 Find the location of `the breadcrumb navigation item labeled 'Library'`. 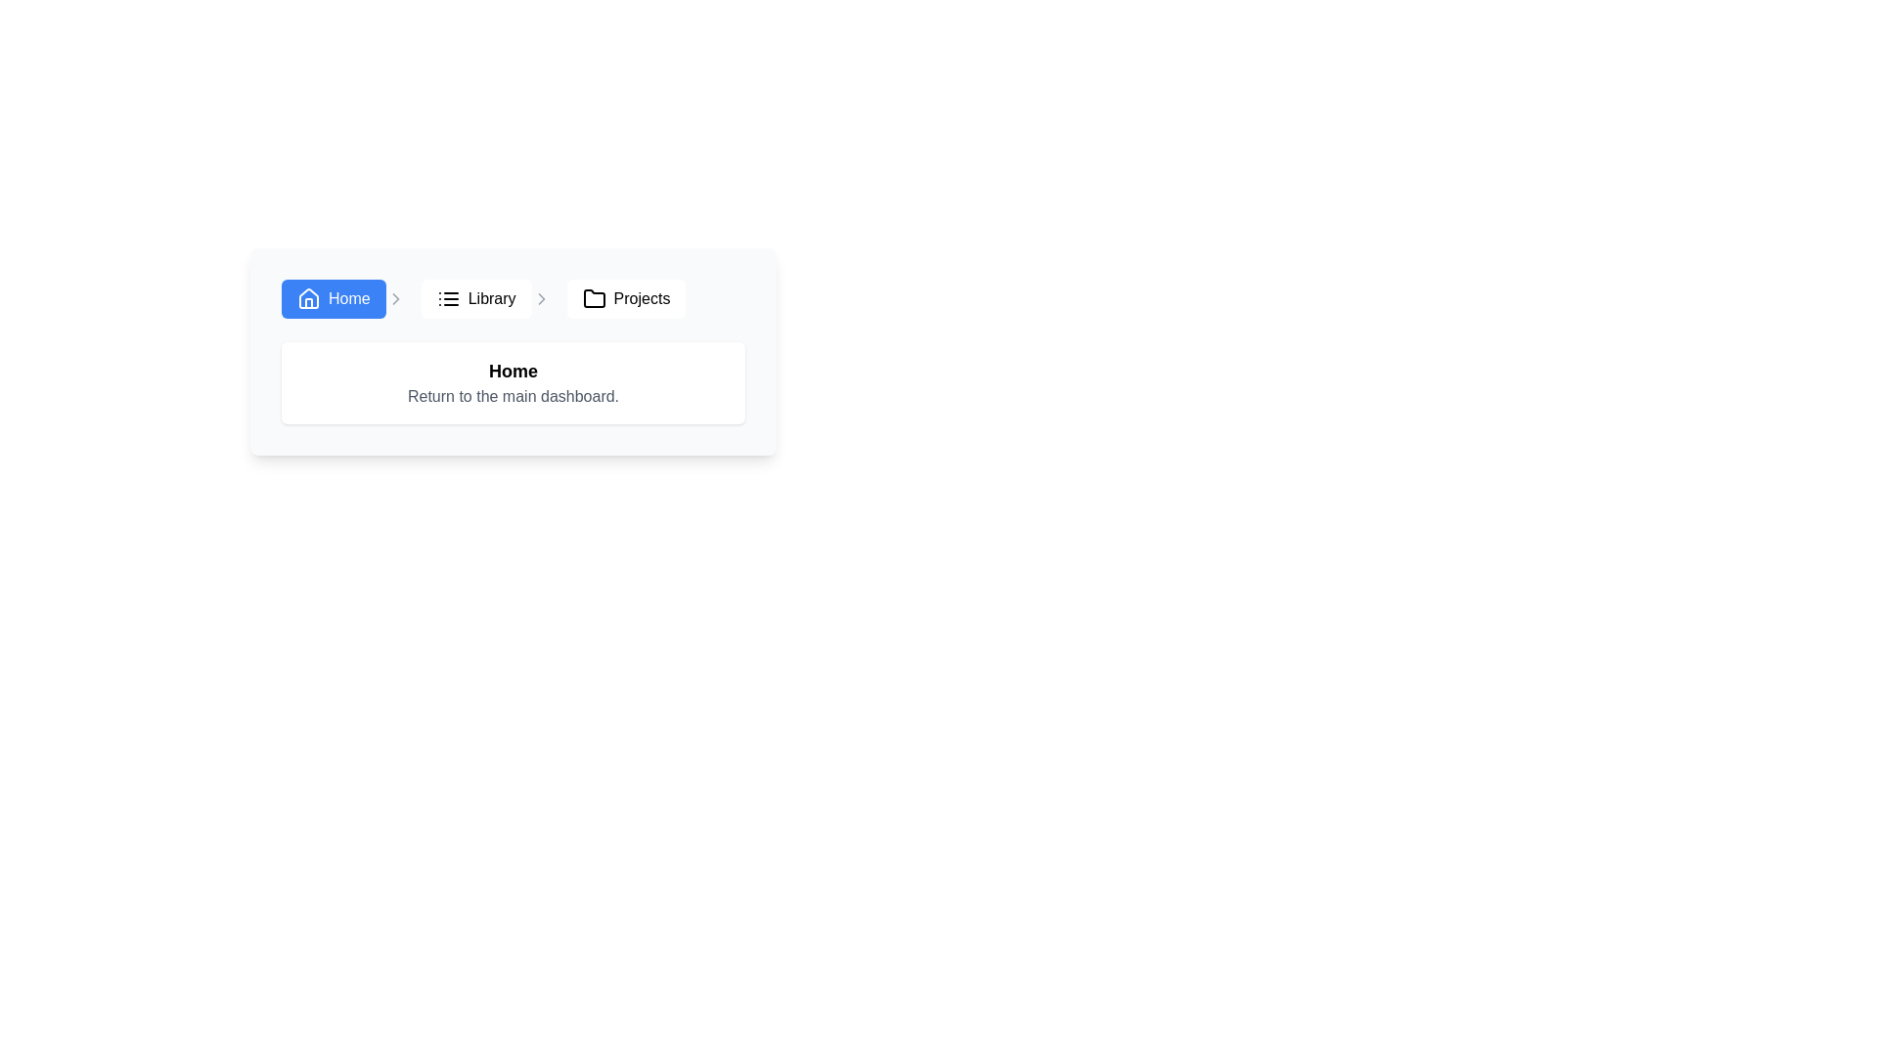

the breadcrumb navigation item labeled 'Library' is located at coordinates (486, 298).